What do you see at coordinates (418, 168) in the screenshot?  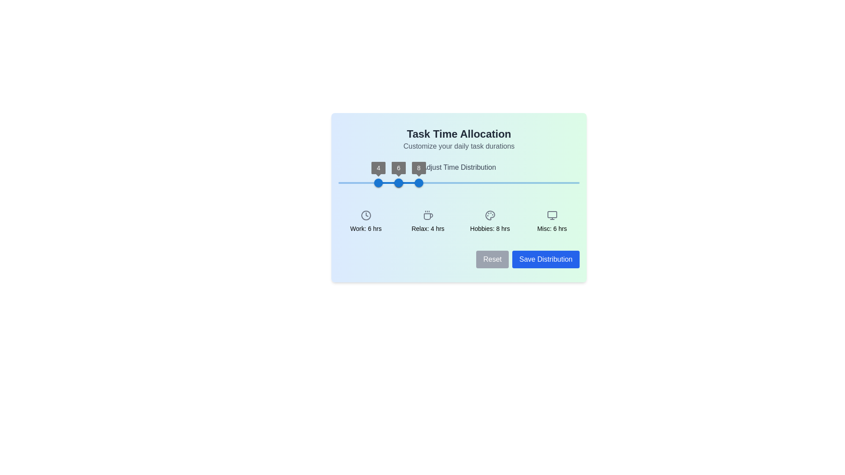 I see `the current value displayed in the Slider Value Indicator, which shows the number '8' within a circular highlight beneath the 'Adjust Time Distribution' text` at bounding box center [418, 168].